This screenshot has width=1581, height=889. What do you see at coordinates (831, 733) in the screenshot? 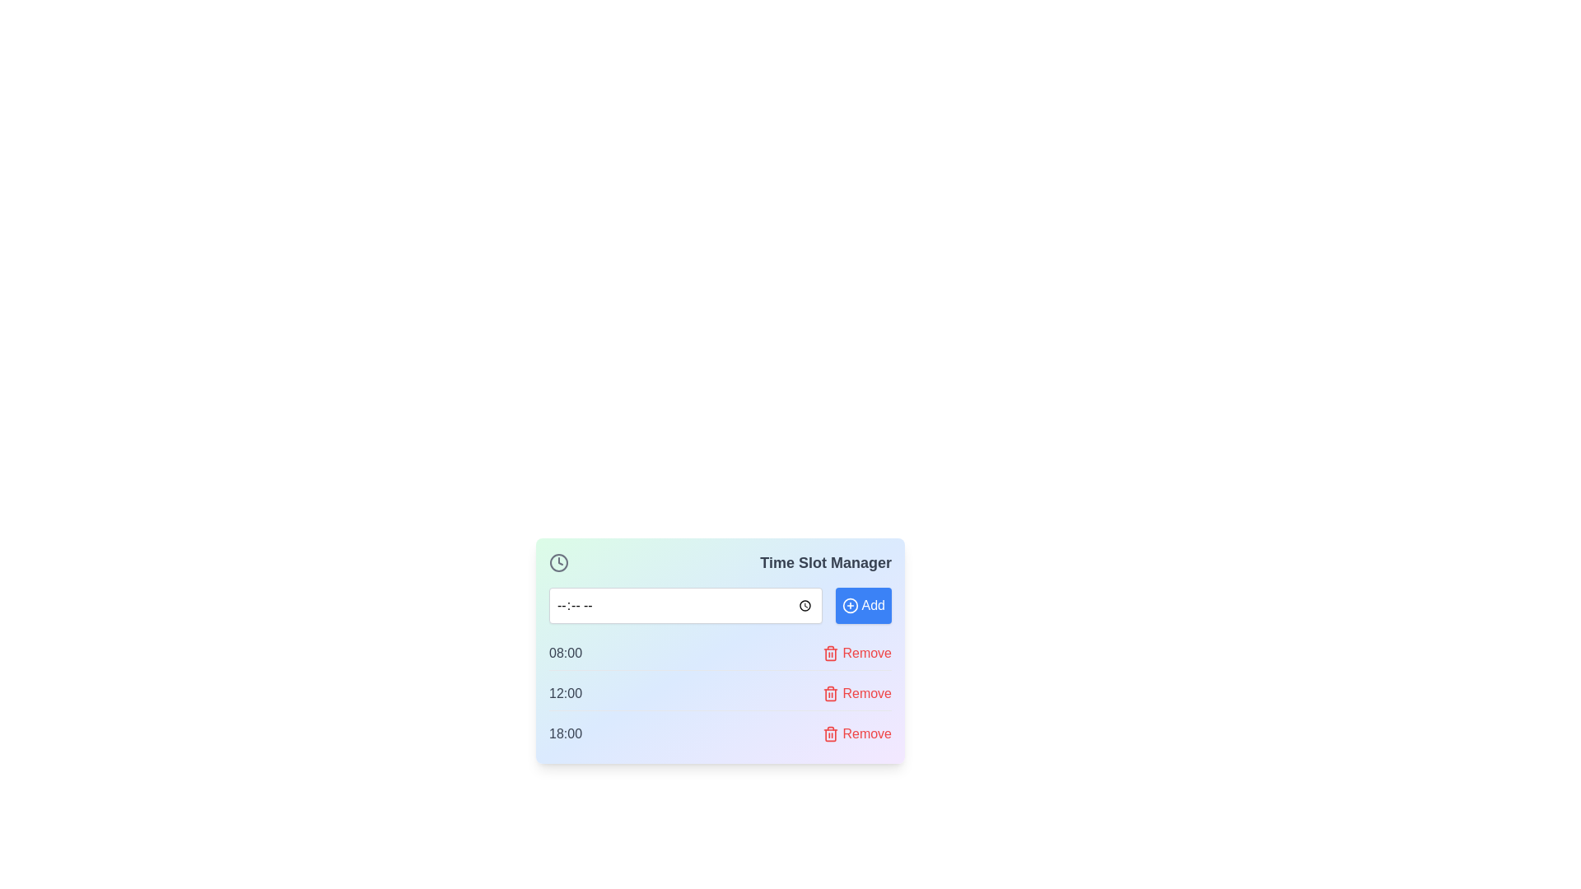
I see `the small red-colored trash bin icon, which is the third icon in the vertical list of 'Remove' buttons adjacent to the 18:00 time slot text, to initiate the removal of the time slot` at bounding box center [831, 733].